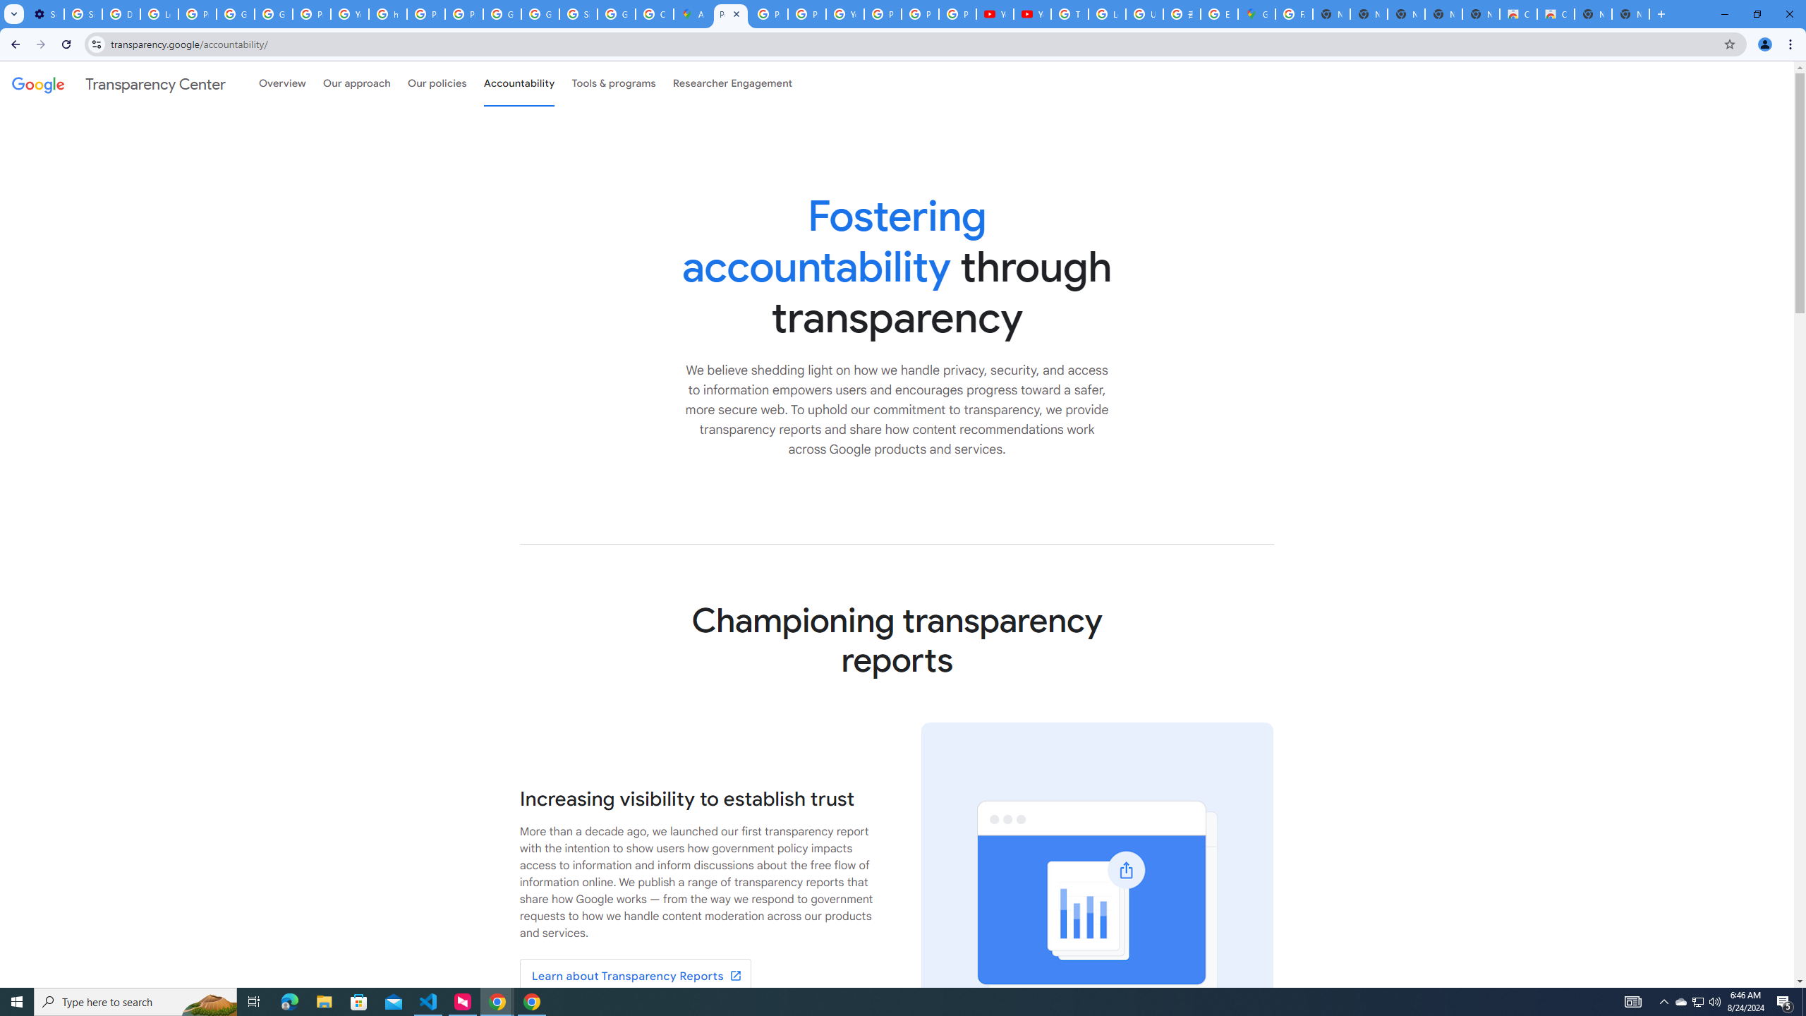 The image size is (1806, 1016). I want to click on 'Go to Transparency Report About web page', so click(635, 975).